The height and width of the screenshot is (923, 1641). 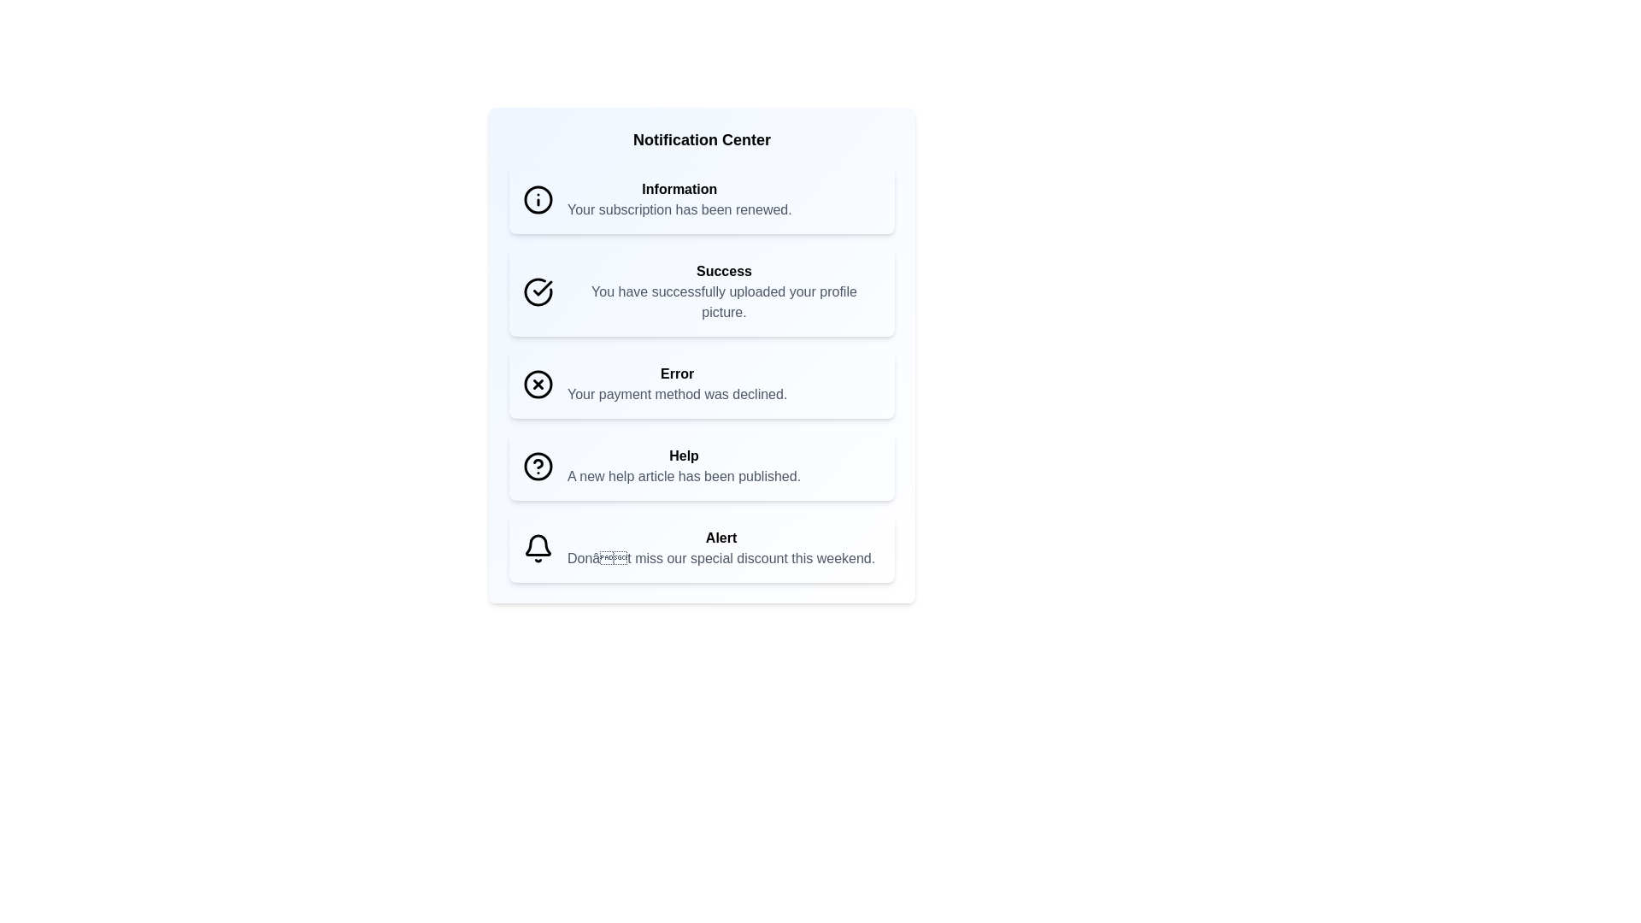 I want to click on the notification icon for Alert, so click(x=537, y=548).